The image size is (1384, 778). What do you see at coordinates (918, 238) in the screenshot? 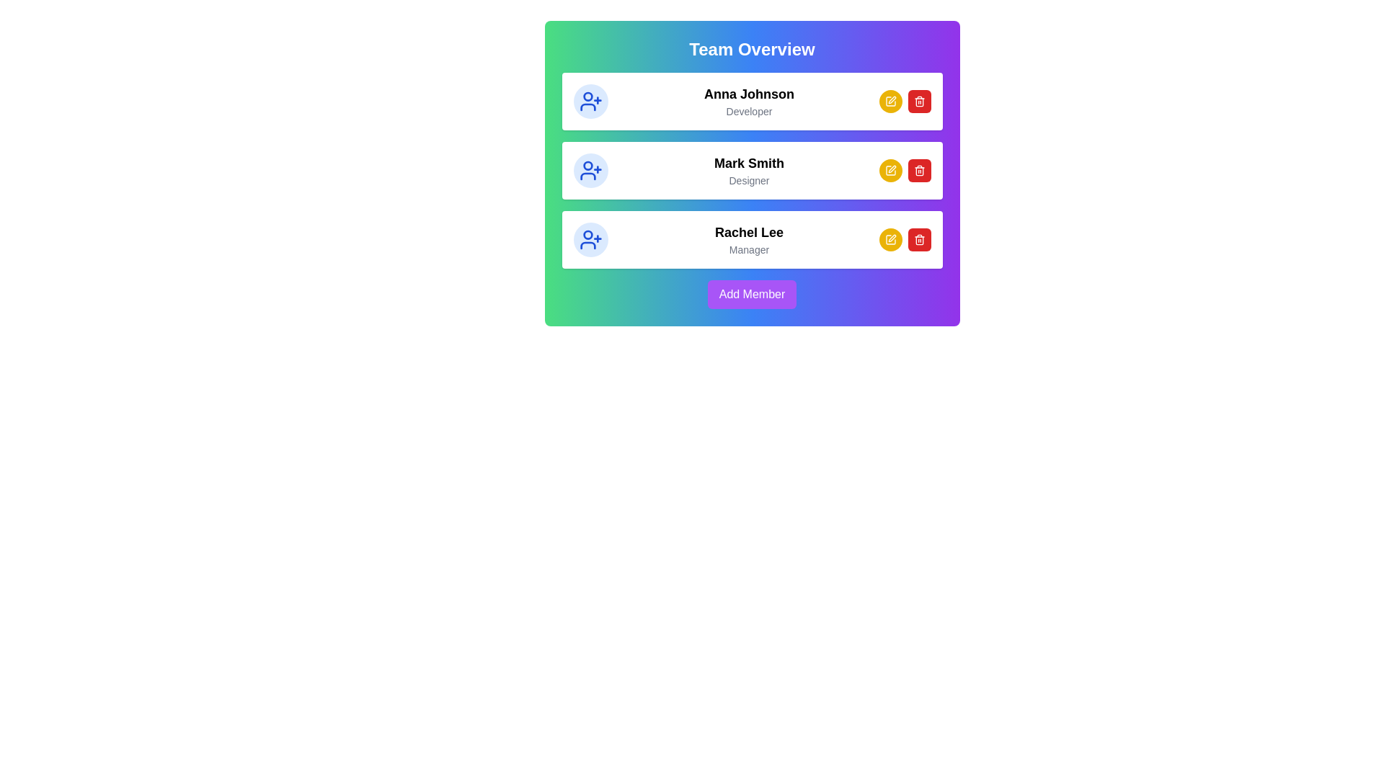
I see `the rectangular red delete button with a trash can icon in the 'Team Overview' section for 'Rachel Lee, Manager'` at bounding box center [918, 238].